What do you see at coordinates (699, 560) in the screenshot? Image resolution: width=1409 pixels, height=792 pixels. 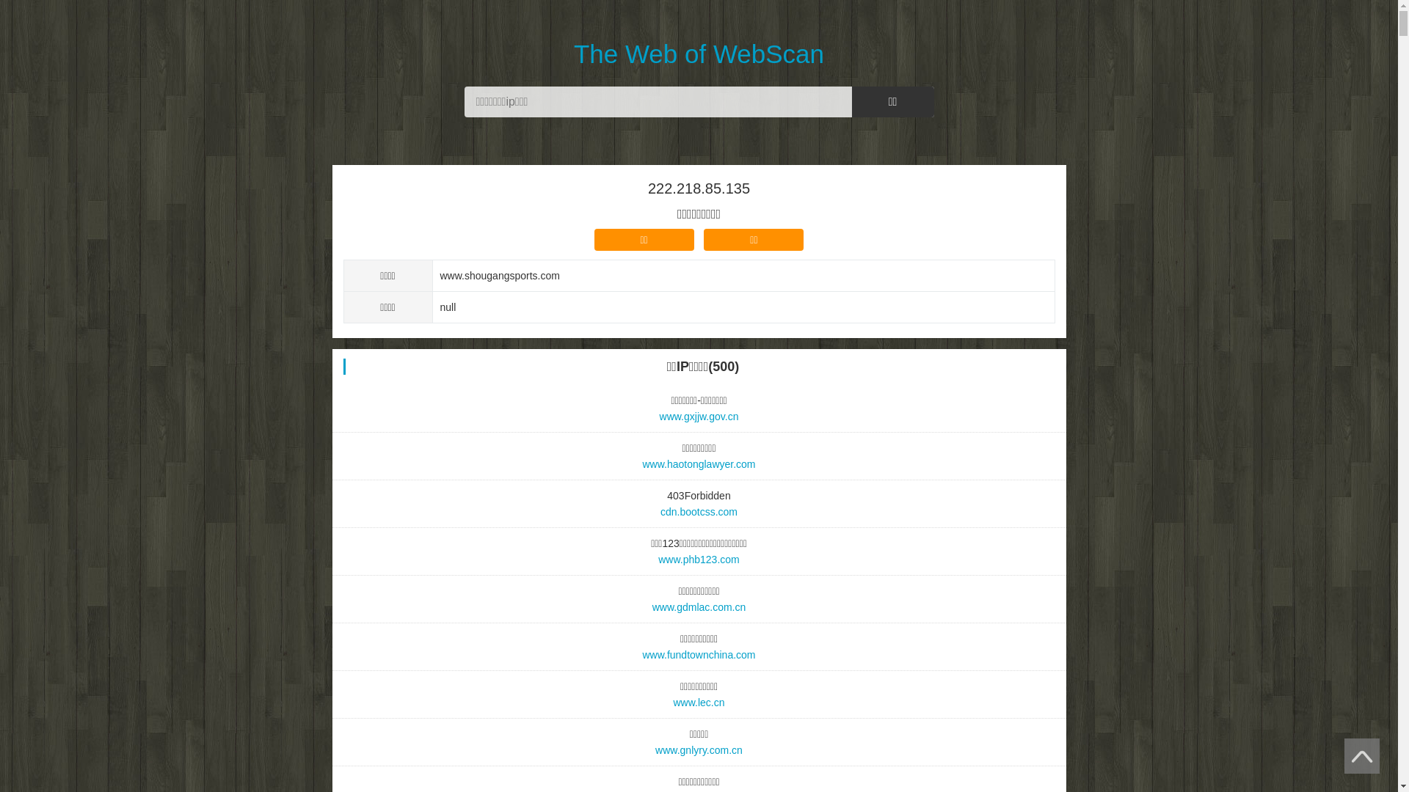 I see `'www.phb123.com'` at bounding box center [699, 560].